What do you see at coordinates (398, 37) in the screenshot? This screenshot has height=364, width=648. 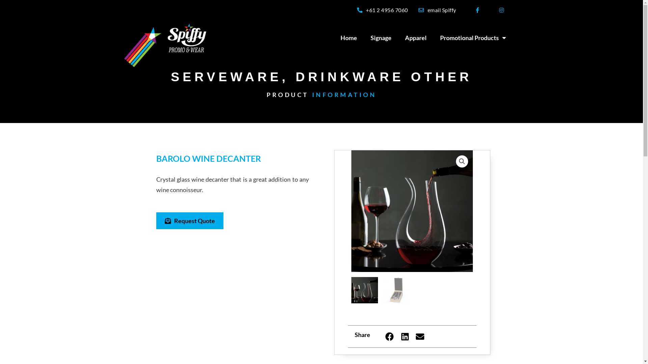 I see `'Apparel'` at bounding box center [398, 37].